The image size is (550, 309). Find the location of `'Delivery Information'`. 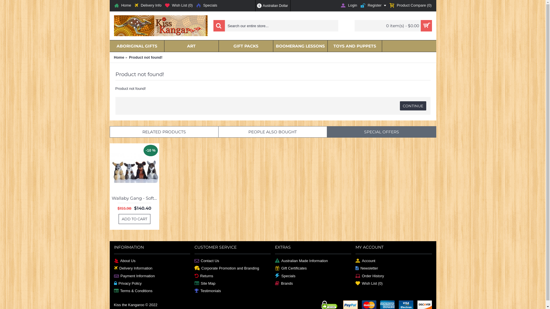

'Delivery Information' is located at coordinates (152, 268).